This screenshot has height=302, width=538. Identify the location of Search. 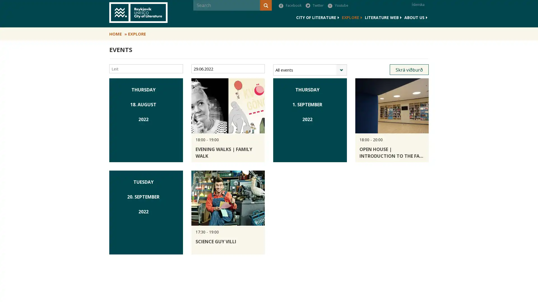
(194, 16).